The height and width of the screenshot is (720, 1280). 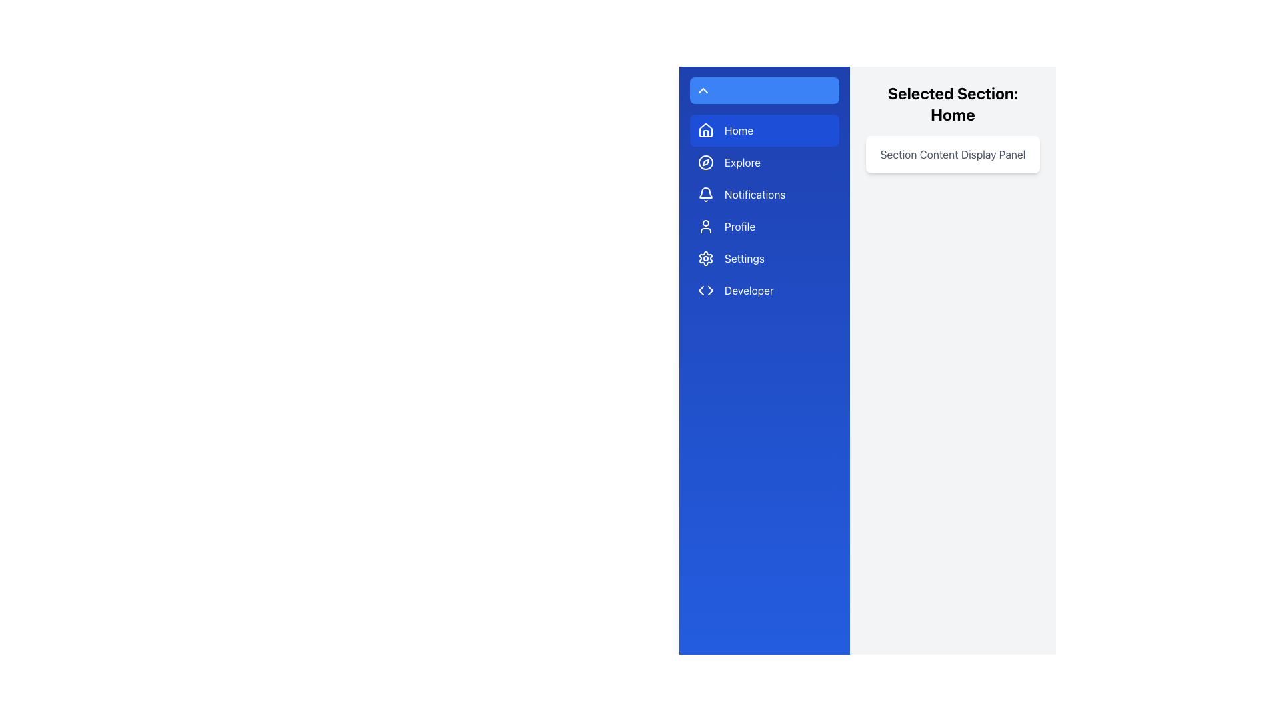 What do you see at coordinates (705, 193) in the screenshot?
I see `the Notifications icon located in the left-hand navigation panel` at bounding box center [705, 193].